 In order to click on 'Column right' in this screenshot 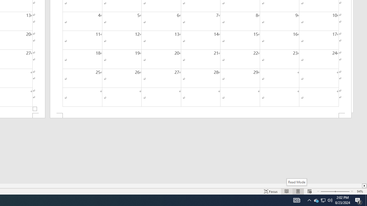, I will do `click(364, 186)`.